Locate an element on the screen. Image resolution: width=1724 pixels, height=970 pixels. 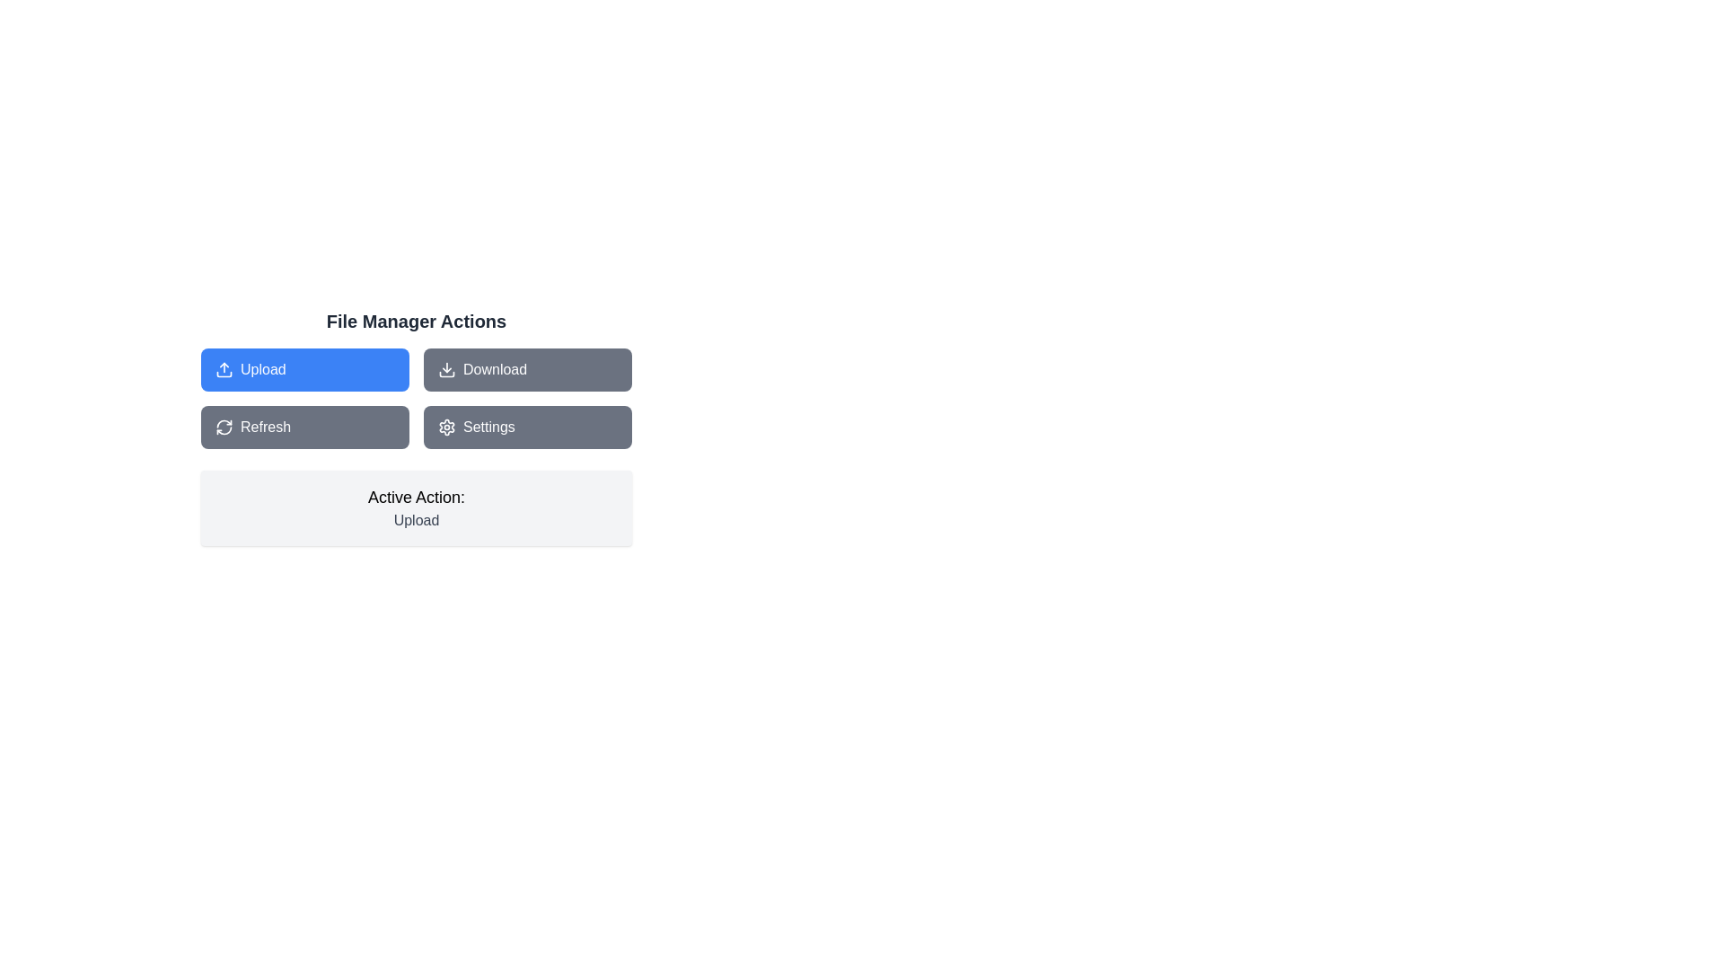
the lower section of the upload icon located on the leftmost button labeled 'Upload' in the 'File Manager Actions' section is located at coordinates (223, 373).